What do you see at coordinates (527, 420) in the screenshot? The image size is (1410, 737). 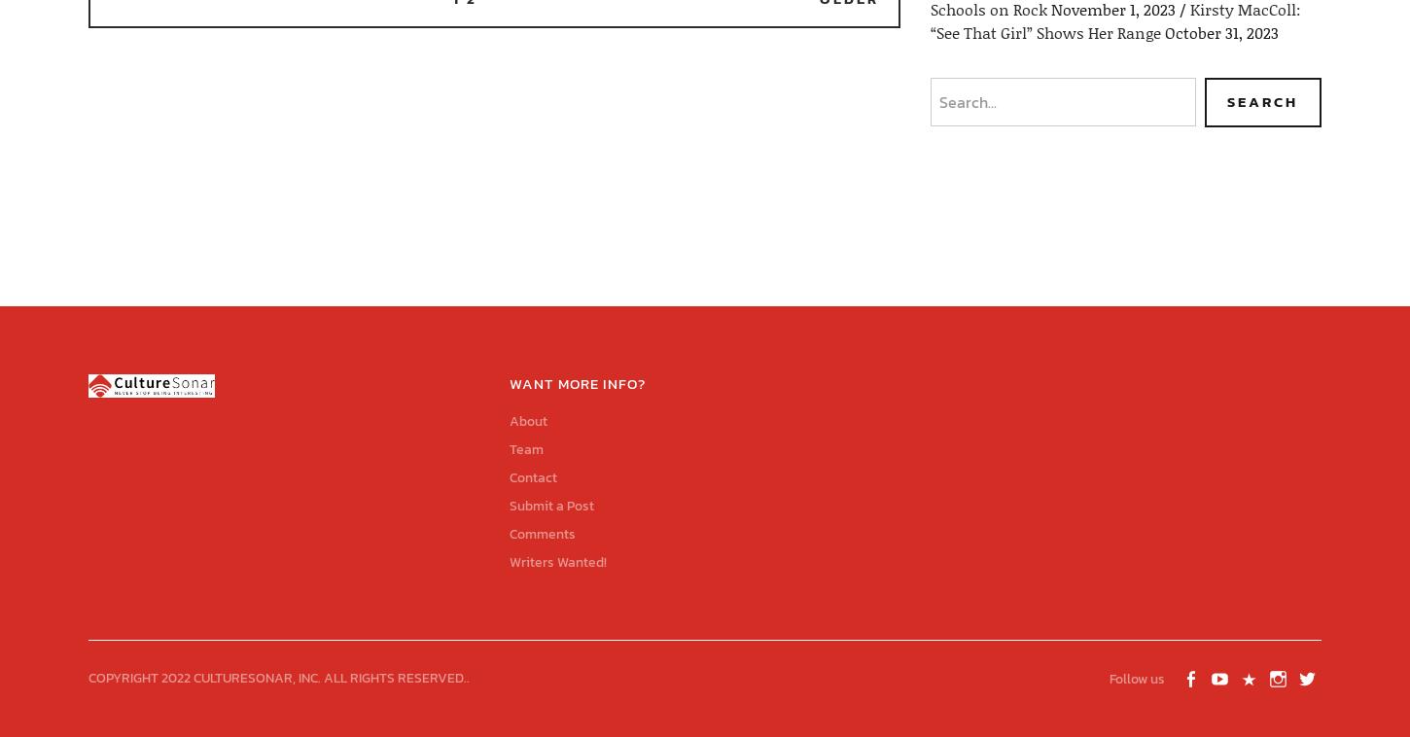 I see `'About'` at bounding box center [527, 420].